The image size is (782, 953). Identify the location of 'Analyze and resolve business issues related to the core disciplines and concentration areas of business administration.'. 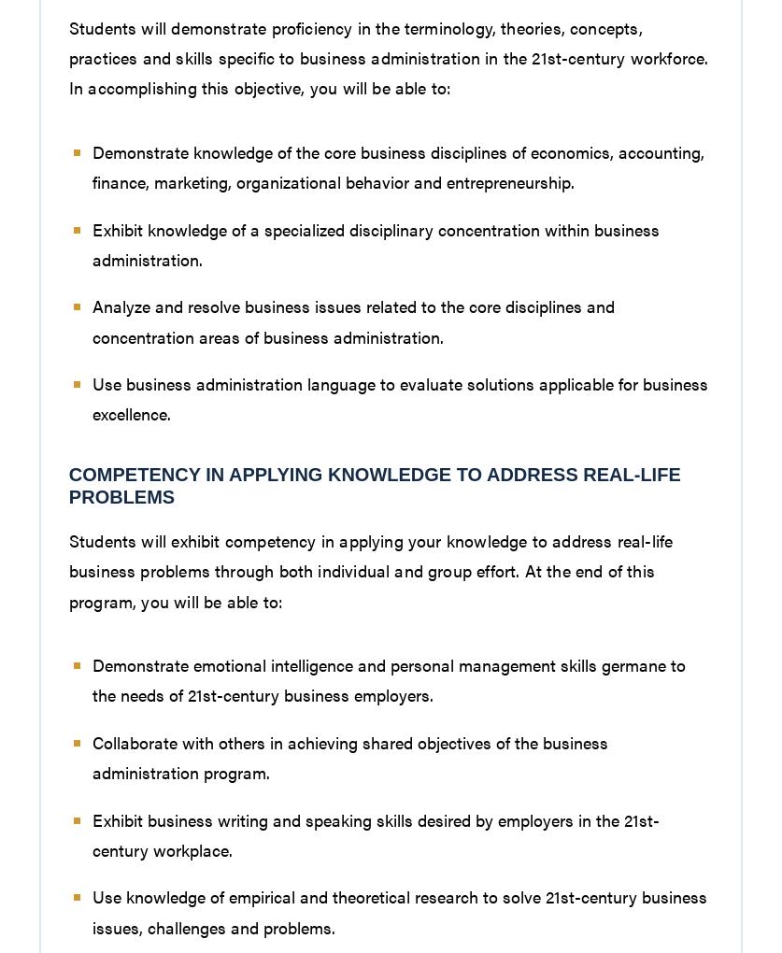
(352, 320).